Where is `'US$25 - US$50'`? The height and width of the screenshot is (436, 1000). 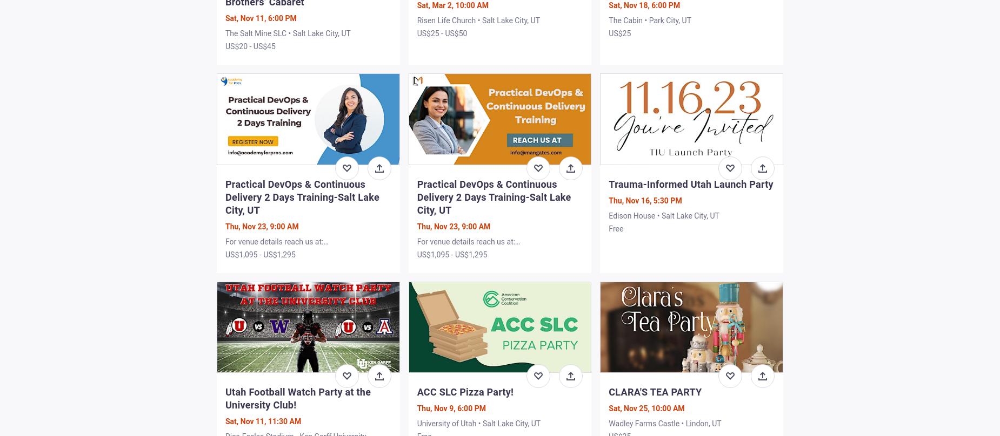
'US$25 - US$50' is located at coordinates (442, 33).